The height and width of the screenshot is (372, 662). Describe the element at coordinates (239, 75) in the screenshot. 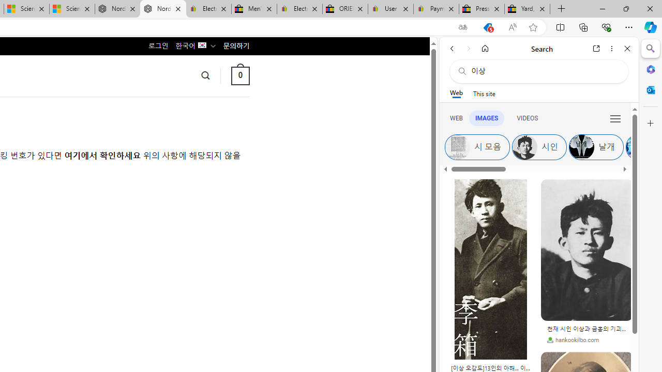

I see `' 0 '` at that location.